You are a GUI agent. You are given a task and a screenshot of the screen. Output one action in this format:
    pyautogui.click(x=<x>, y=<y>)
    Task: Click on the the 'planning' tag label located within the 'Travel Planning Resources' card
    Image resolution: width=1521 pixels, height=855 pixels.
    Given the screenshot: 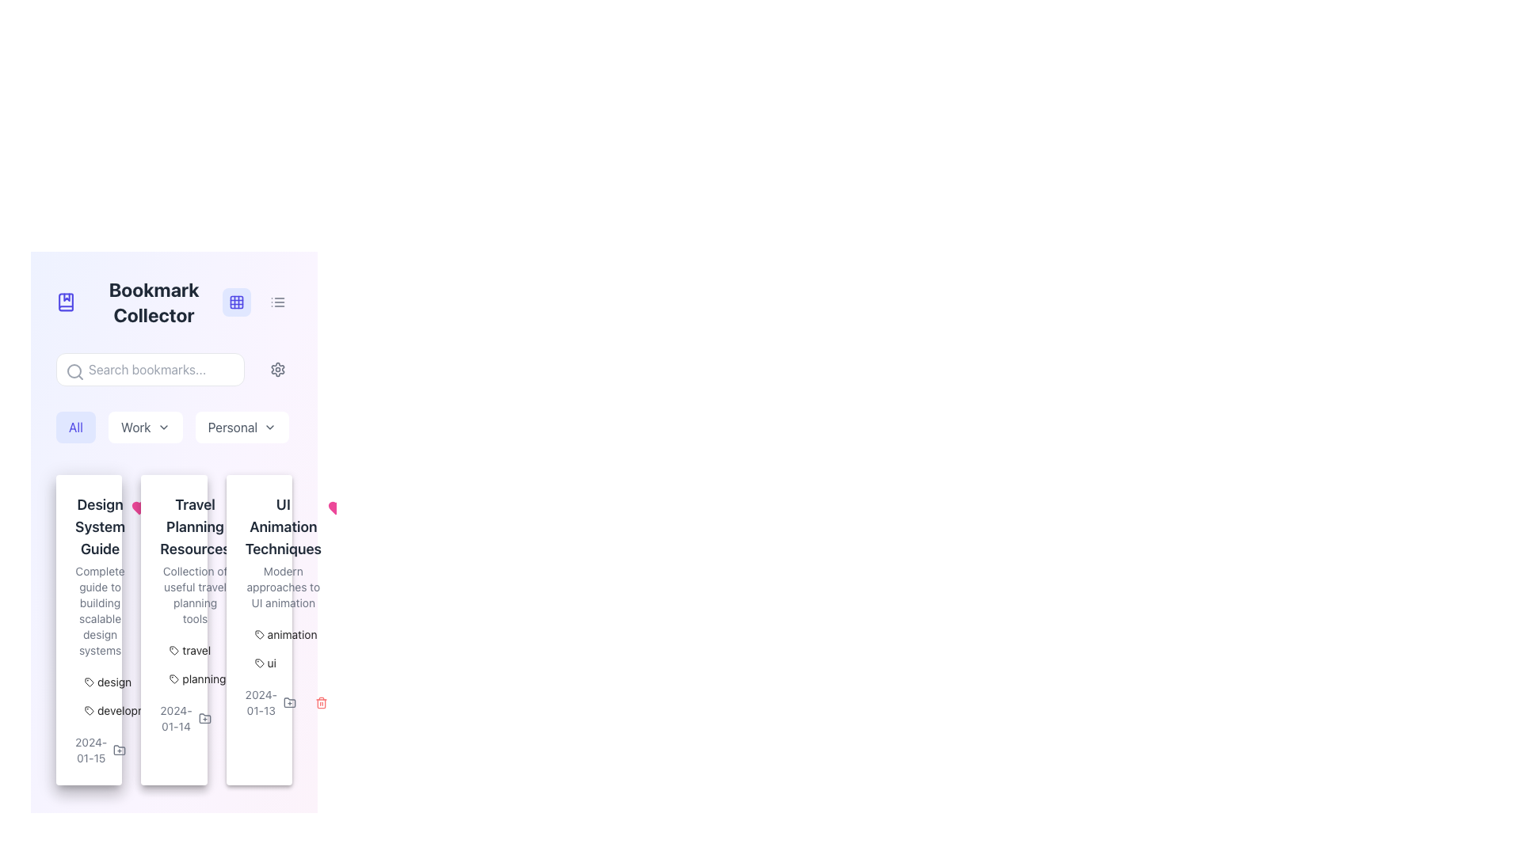 What is the action you would take?
    pyautogui.click(x=196, y=678)
    